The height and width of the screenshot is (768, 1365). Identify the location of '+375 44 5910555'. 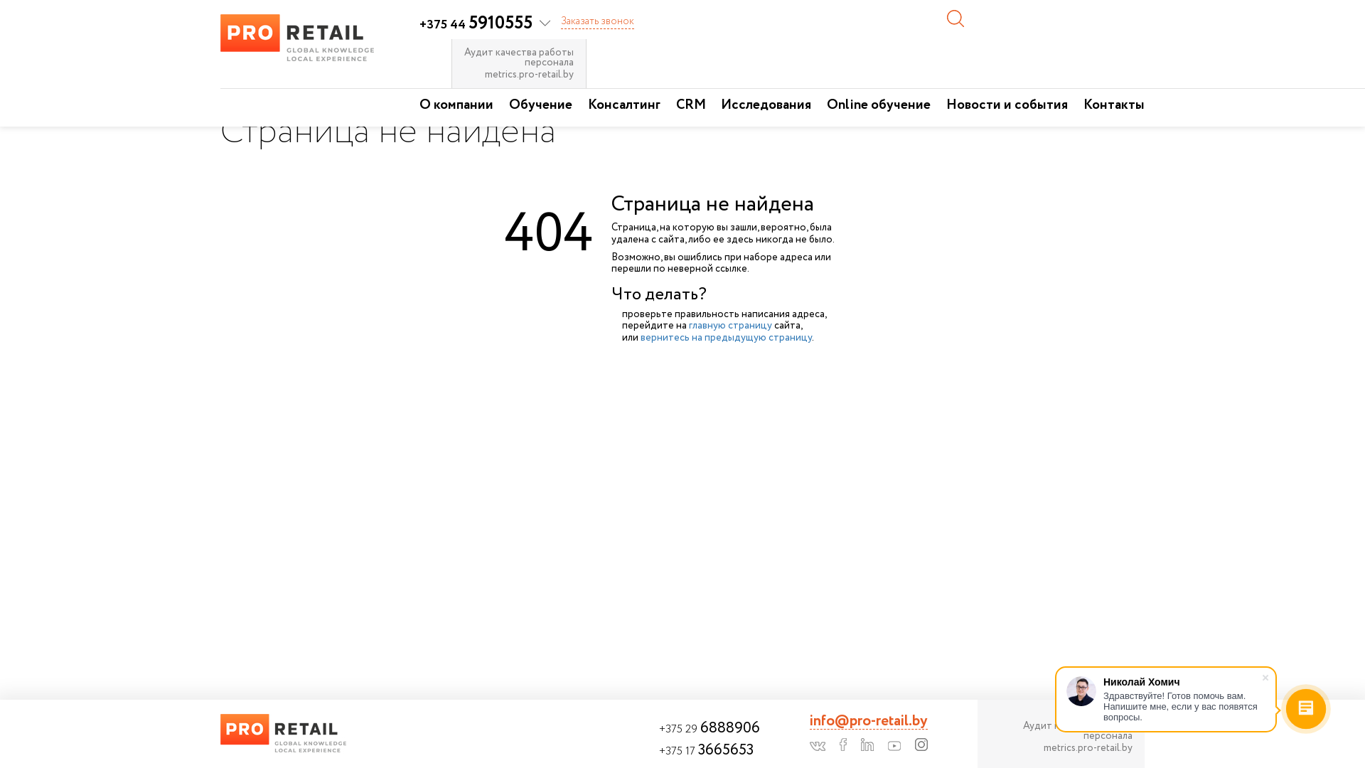
(484, 24).